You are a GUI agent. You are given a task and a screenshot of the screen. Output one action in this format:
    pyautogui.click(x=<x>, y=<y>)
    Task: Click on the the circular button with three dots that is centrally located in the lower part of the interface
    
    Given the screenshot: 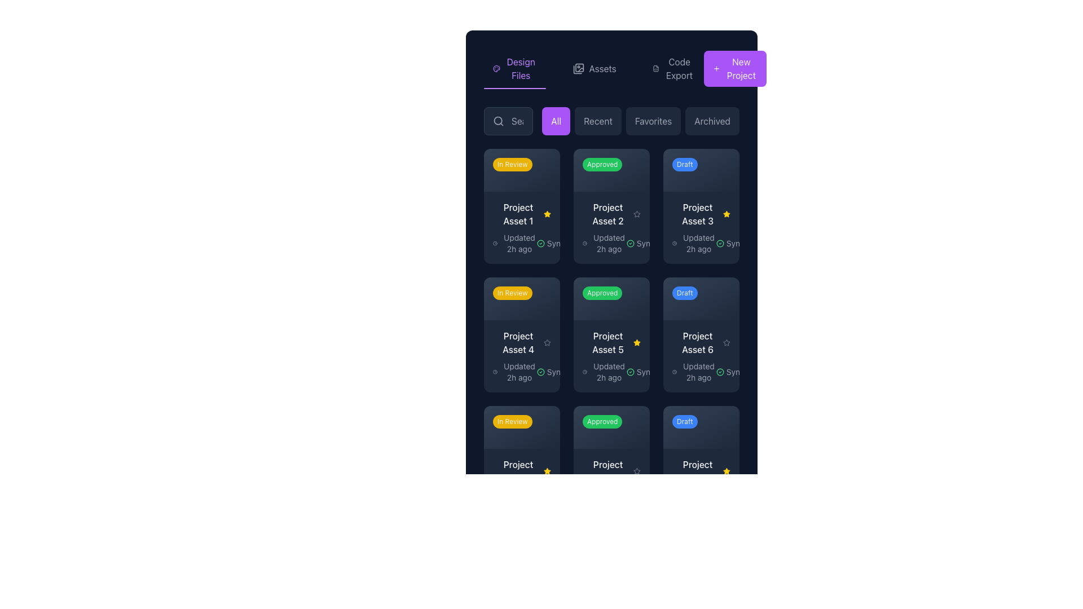 What is the action you would take?
    pyautogui.click(x=631, y=423)
    